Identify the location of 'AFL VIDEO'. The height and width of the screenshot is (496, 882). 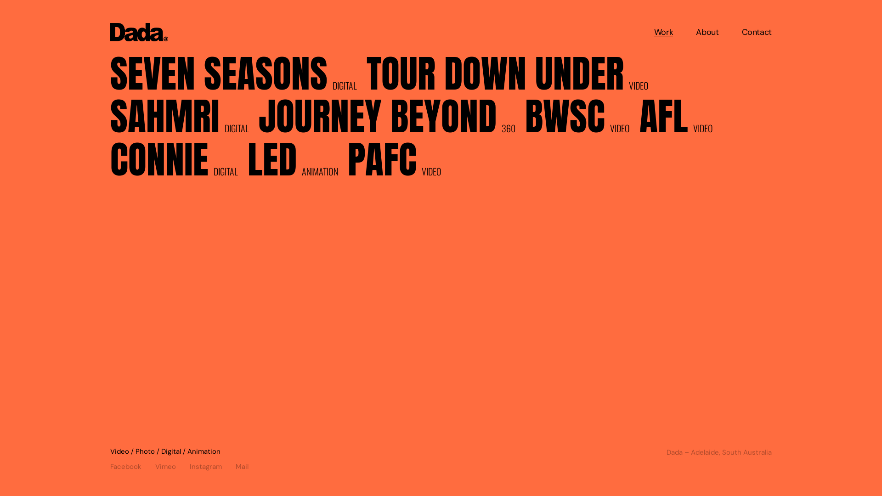
(681, 119).